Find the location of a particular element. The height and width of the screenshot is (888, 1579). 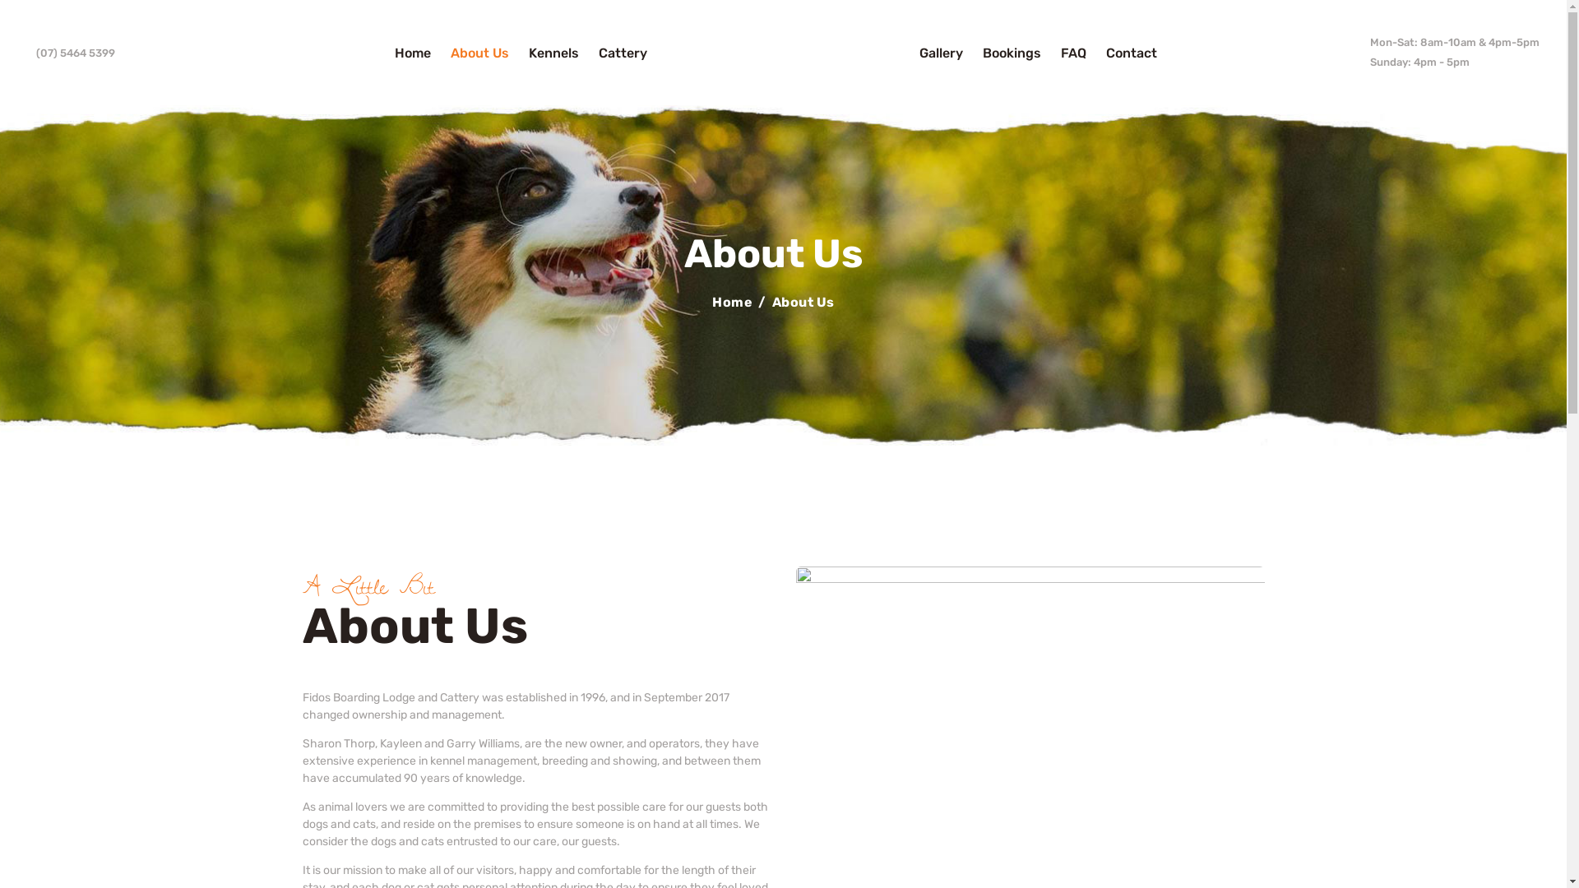

'Home' is located at coordinates (731, 302).